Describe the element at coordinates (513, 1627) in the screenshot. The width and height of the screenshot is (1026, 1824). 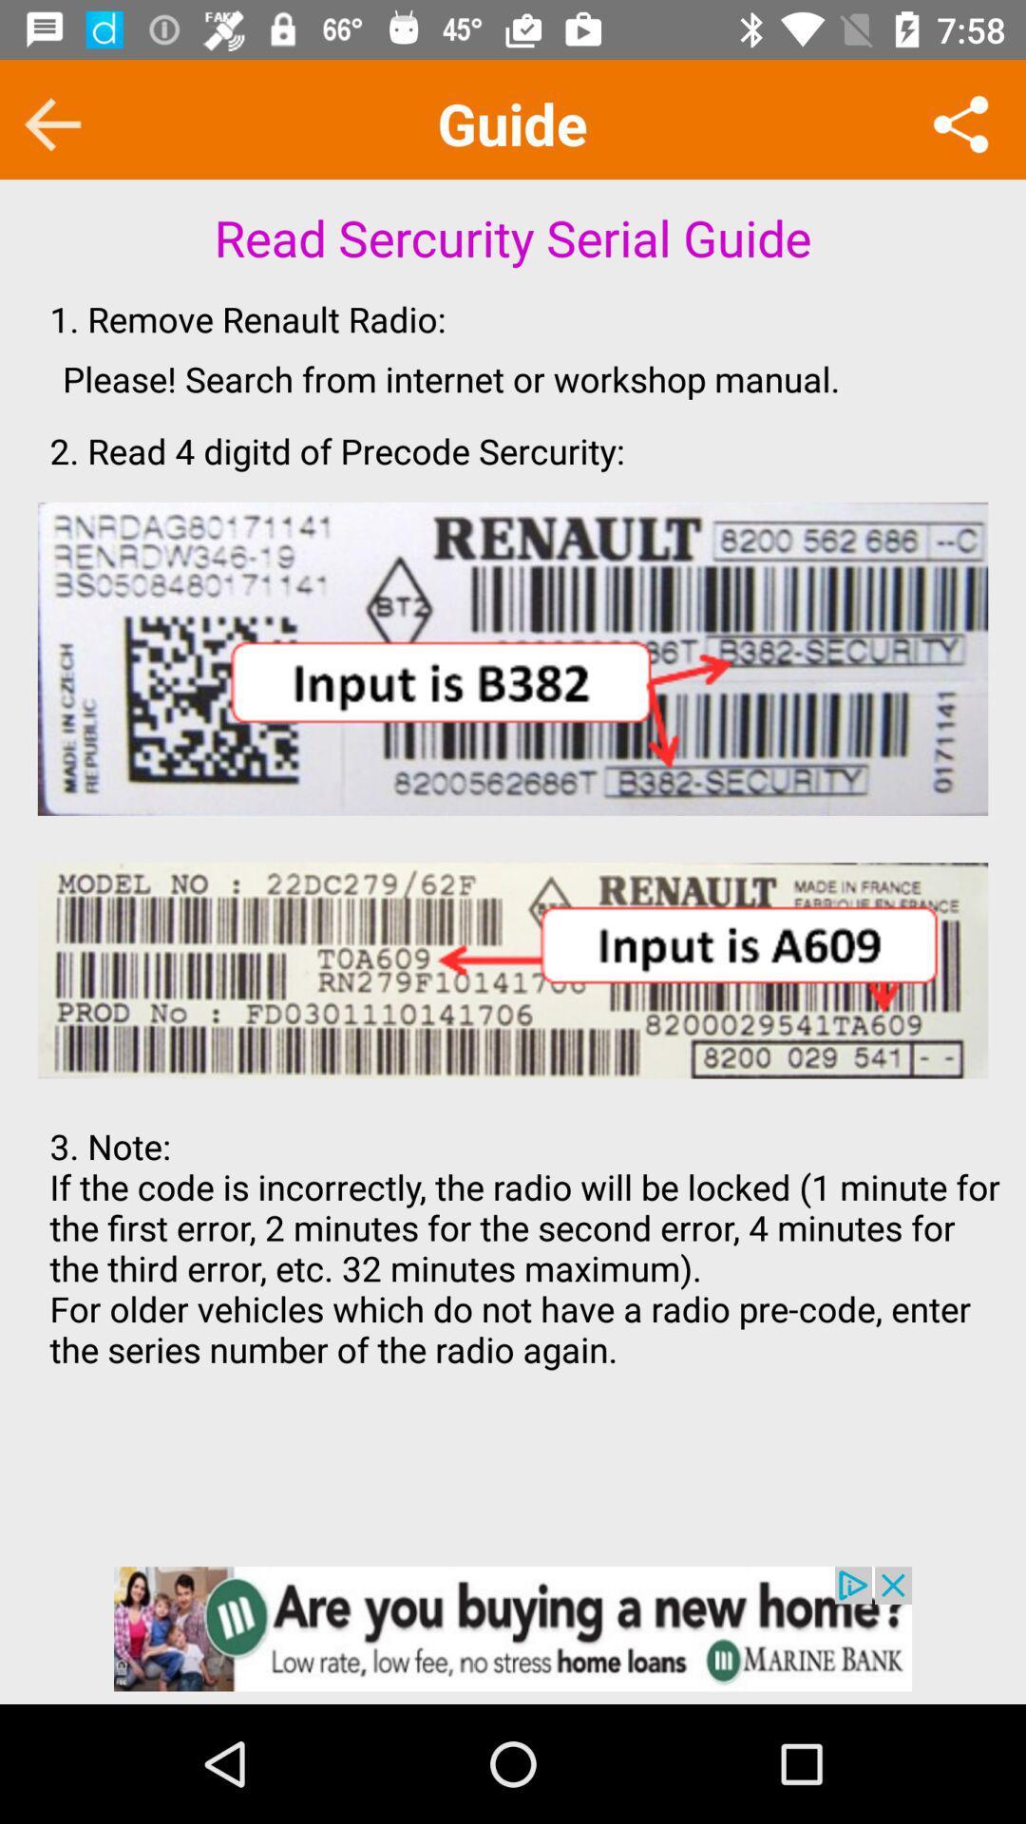
I see `advertisement page` at that location.